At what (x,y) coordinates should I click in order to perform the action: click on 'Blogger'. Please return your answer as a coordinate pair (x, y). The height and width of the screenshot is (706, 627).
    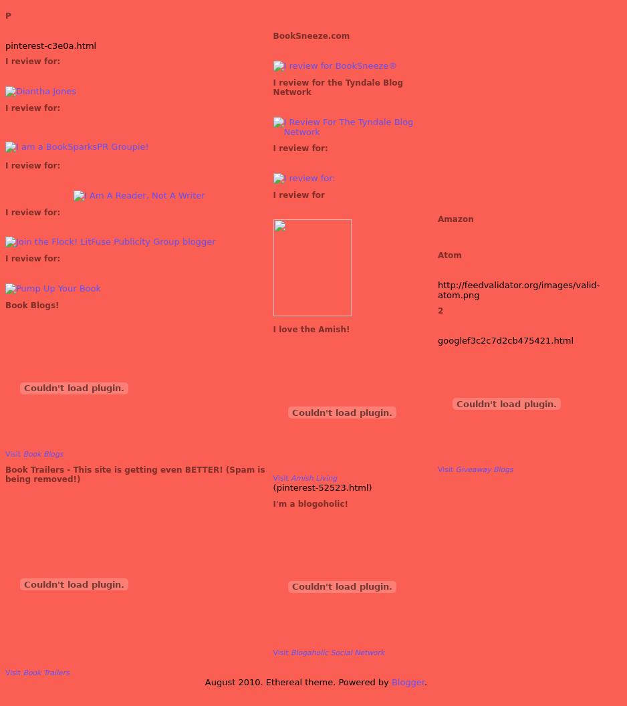
    Looking at the image, I should click on (390, 681).